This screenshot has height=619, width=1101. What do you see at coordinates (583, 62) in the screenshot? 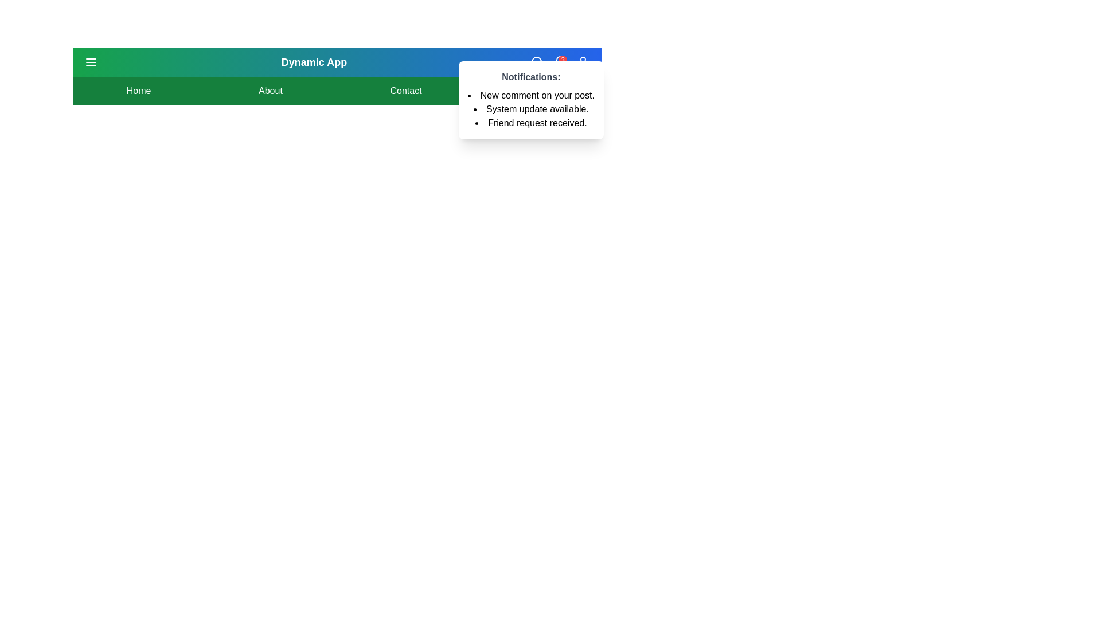
I see `the user icon to trigger a profile-related action` at bounding box center [583, 62].